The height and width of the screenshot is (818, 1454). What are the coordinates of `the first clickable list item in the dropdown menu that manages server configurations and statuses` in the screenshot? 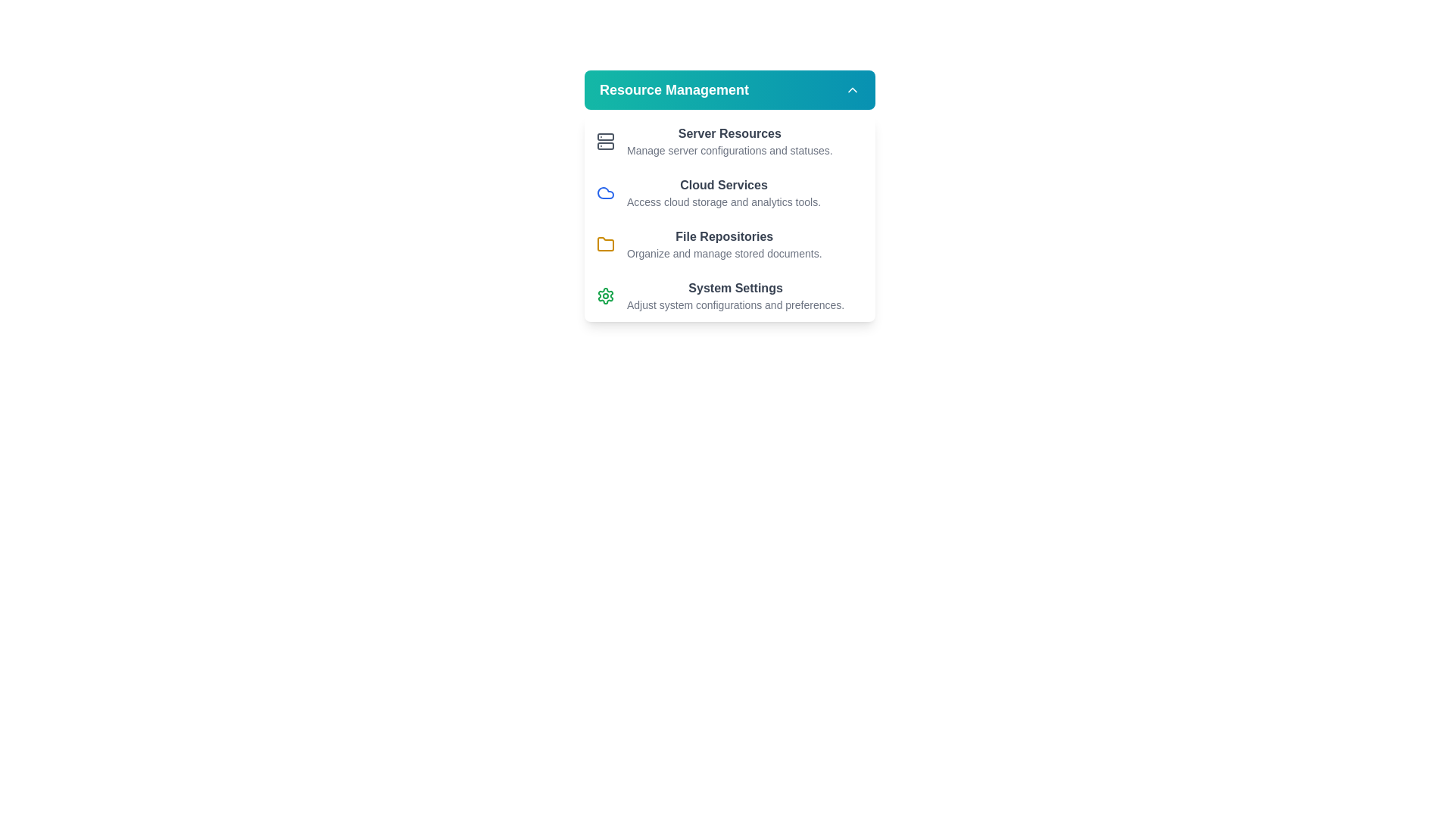 It's located at (730, 141).